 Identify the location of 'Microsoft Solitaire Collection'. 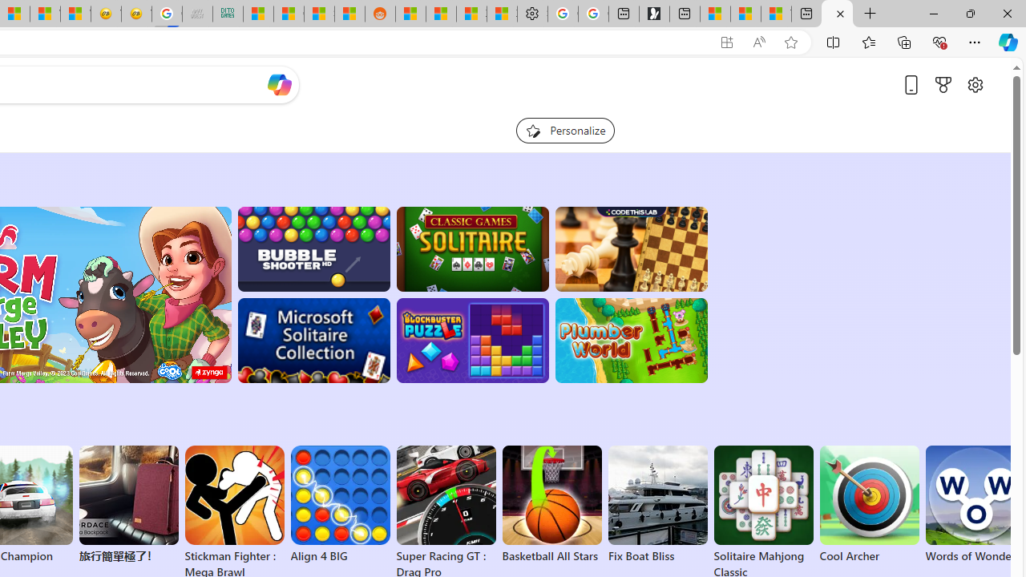
(313, 340).